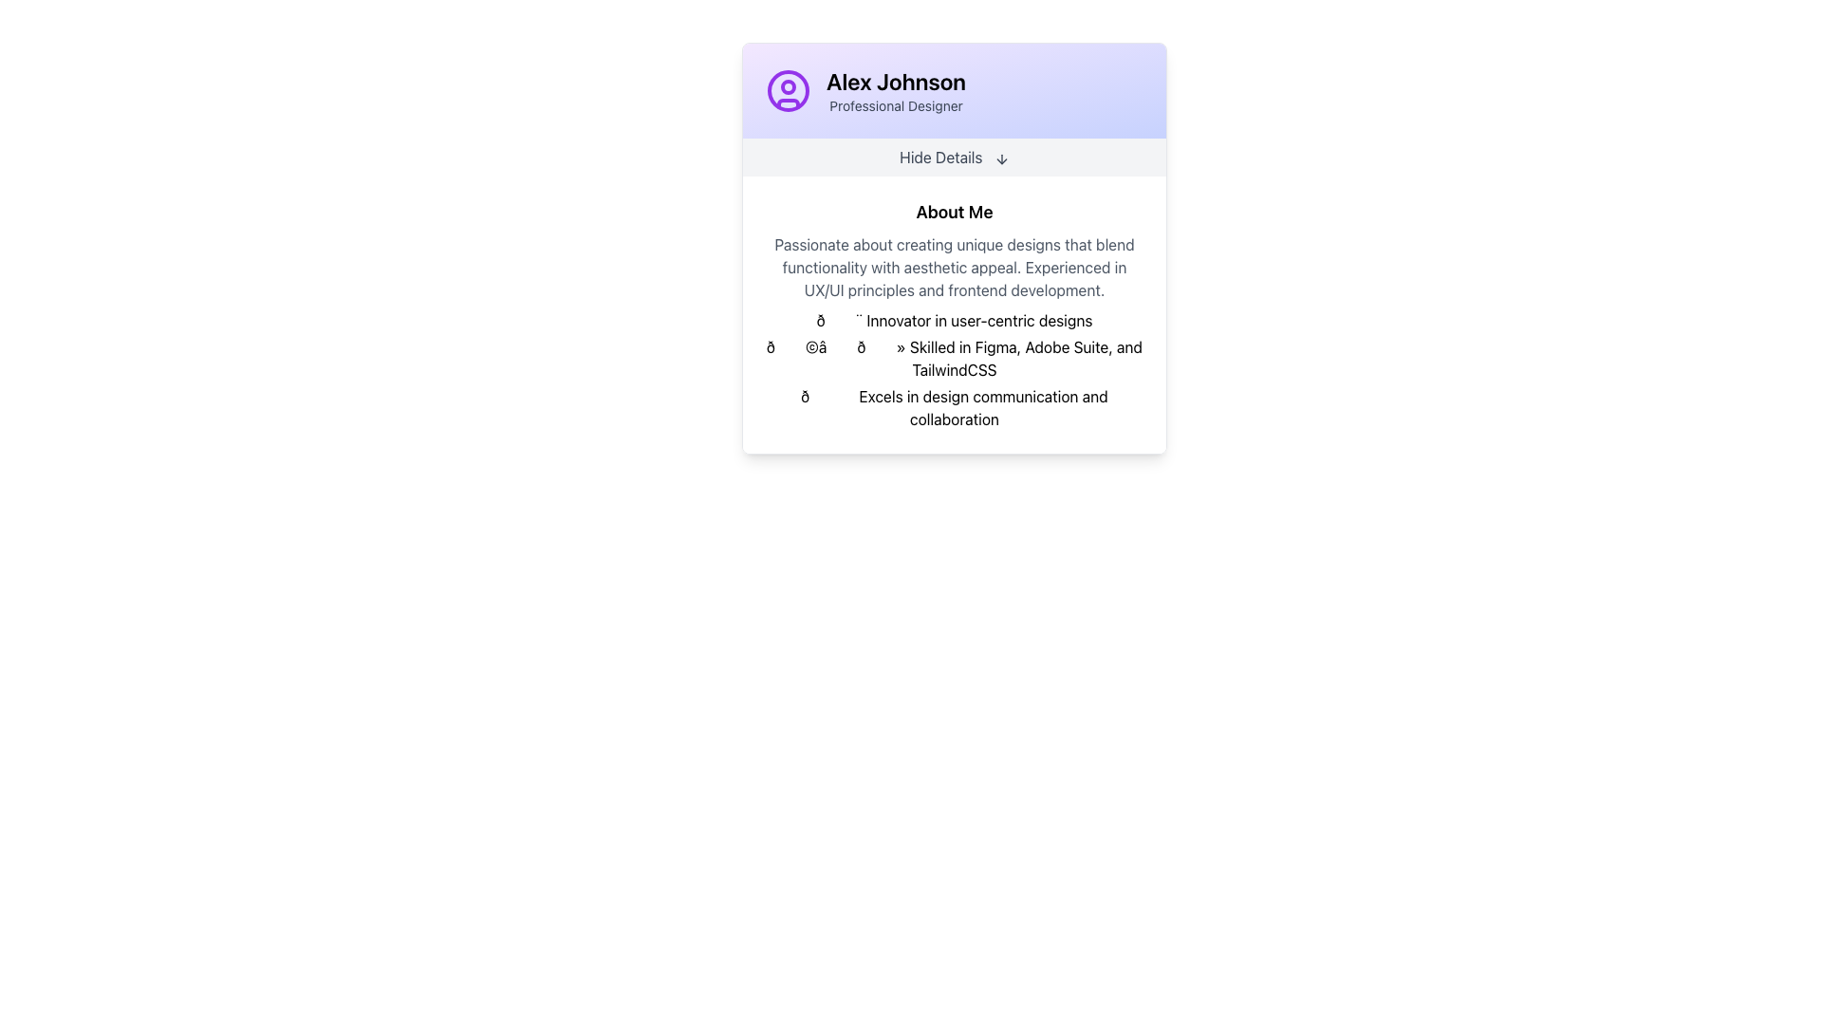 The height and width of the screenshot is (1025, 1822). What do you see at coordinates (955, 267) in the screenshot?
I see `the introductory text describing the individual's professional experience and skills, which is located below the 'About Me' header and above the skills list` at bounding box center [955, 267].